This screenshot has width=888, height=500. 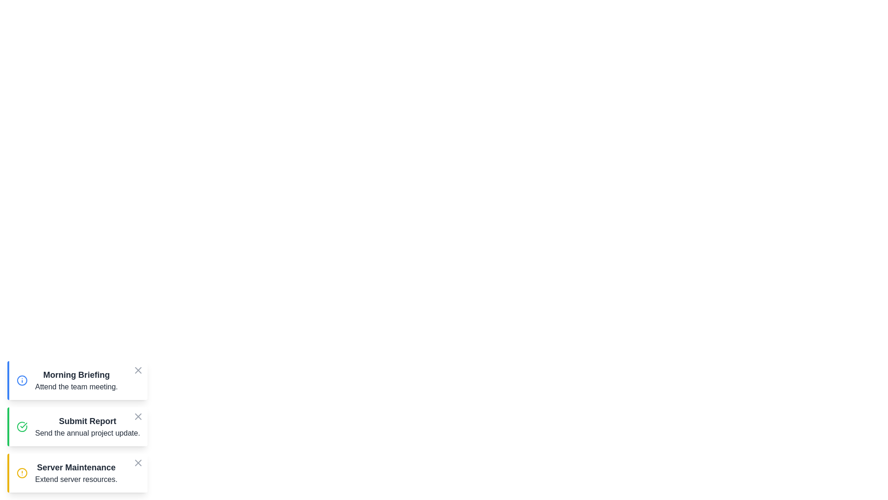 What do you see at coordinates (76, 380) in the screenshot?
I see `the 'Morning Briefing' card within the list` at bounding box center [76, 380].